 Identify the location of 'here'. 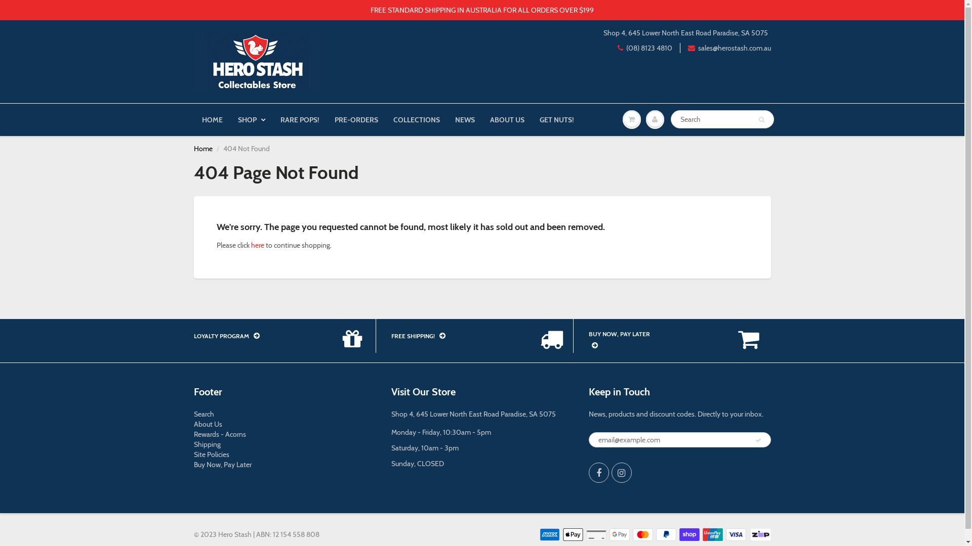
(251, 245).